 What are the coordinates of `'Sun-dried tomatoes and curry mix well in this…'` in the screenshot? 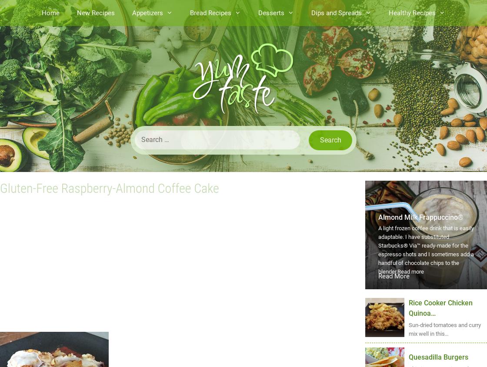 It's located at (445, 329).